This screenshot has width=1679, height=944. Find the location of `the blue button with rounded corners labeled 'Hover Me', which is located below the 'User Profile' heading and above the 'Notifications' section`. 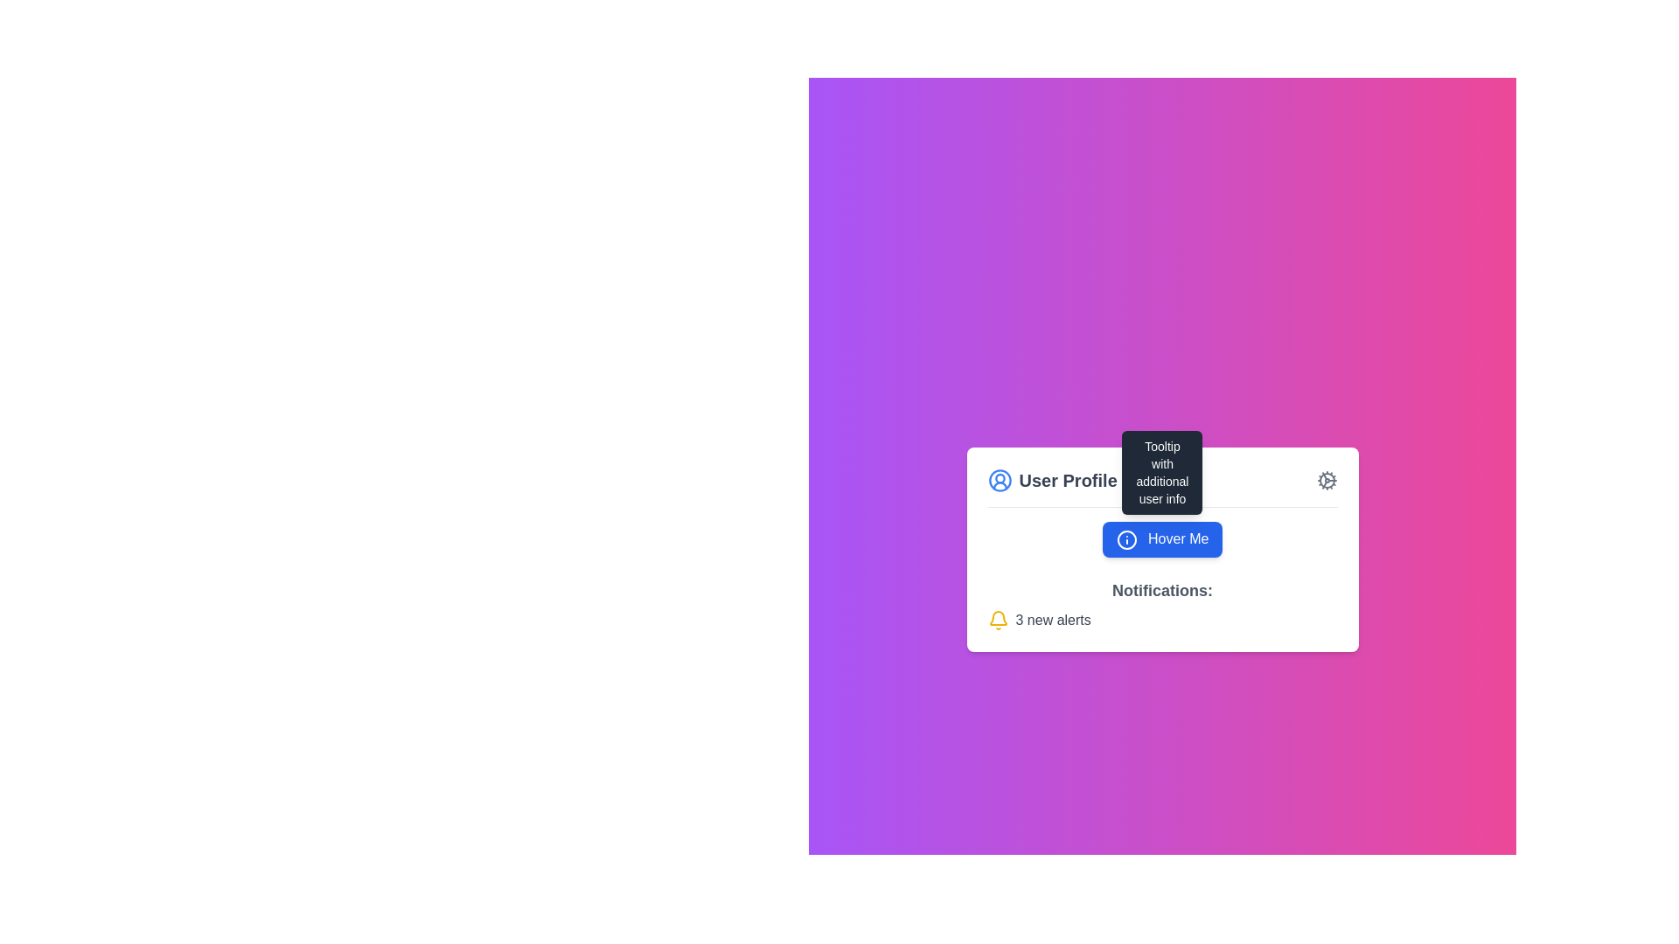

the blue button with rounded corners labeled 'Hover Me', which is located below the 'User Profile' heading and above the 'Notifications' section is located at coordinates (1162, 538).